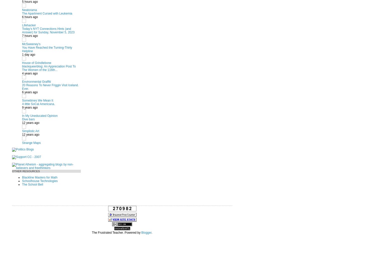 This screenshot has height=262, width=390. What do you see at coordinates (116, 232) in the screenshot?
I see `'The Frustrated Teacher. Powered by'` at bounding box center [116, 232].